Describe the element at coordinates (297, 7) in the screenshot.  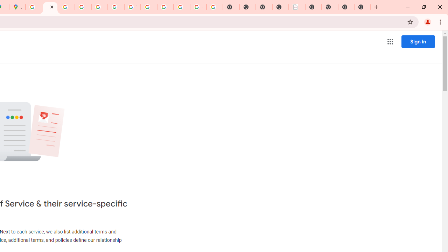
I see `'LAAD Defence & Security 2025 | BAE Systems'` at that location.